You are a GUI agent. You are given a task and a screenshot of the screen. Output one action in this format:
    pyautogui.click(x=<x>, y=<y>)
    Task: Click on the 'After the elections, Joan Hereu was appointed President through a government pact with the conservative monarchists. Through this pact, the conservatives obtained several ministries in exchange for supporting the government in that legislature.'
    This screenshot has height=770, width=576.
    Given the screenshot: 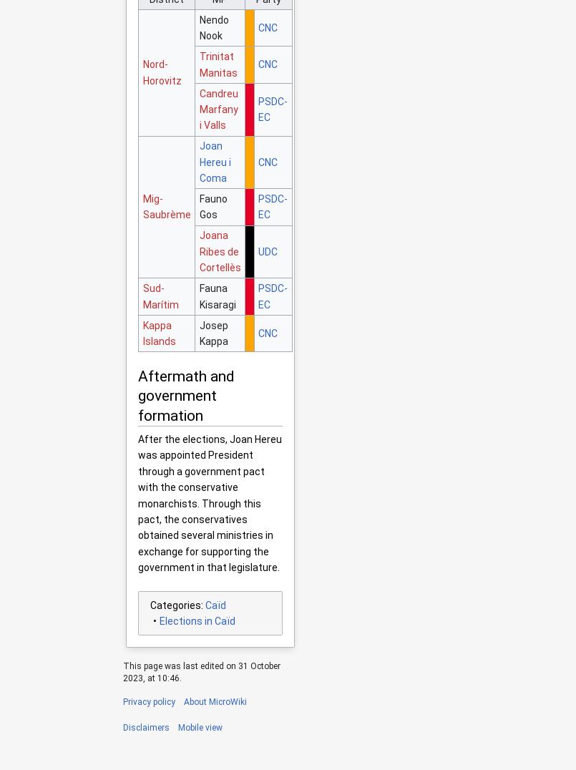 What is the action you would take?
    pyautogui.click(x=209, y=503)
    